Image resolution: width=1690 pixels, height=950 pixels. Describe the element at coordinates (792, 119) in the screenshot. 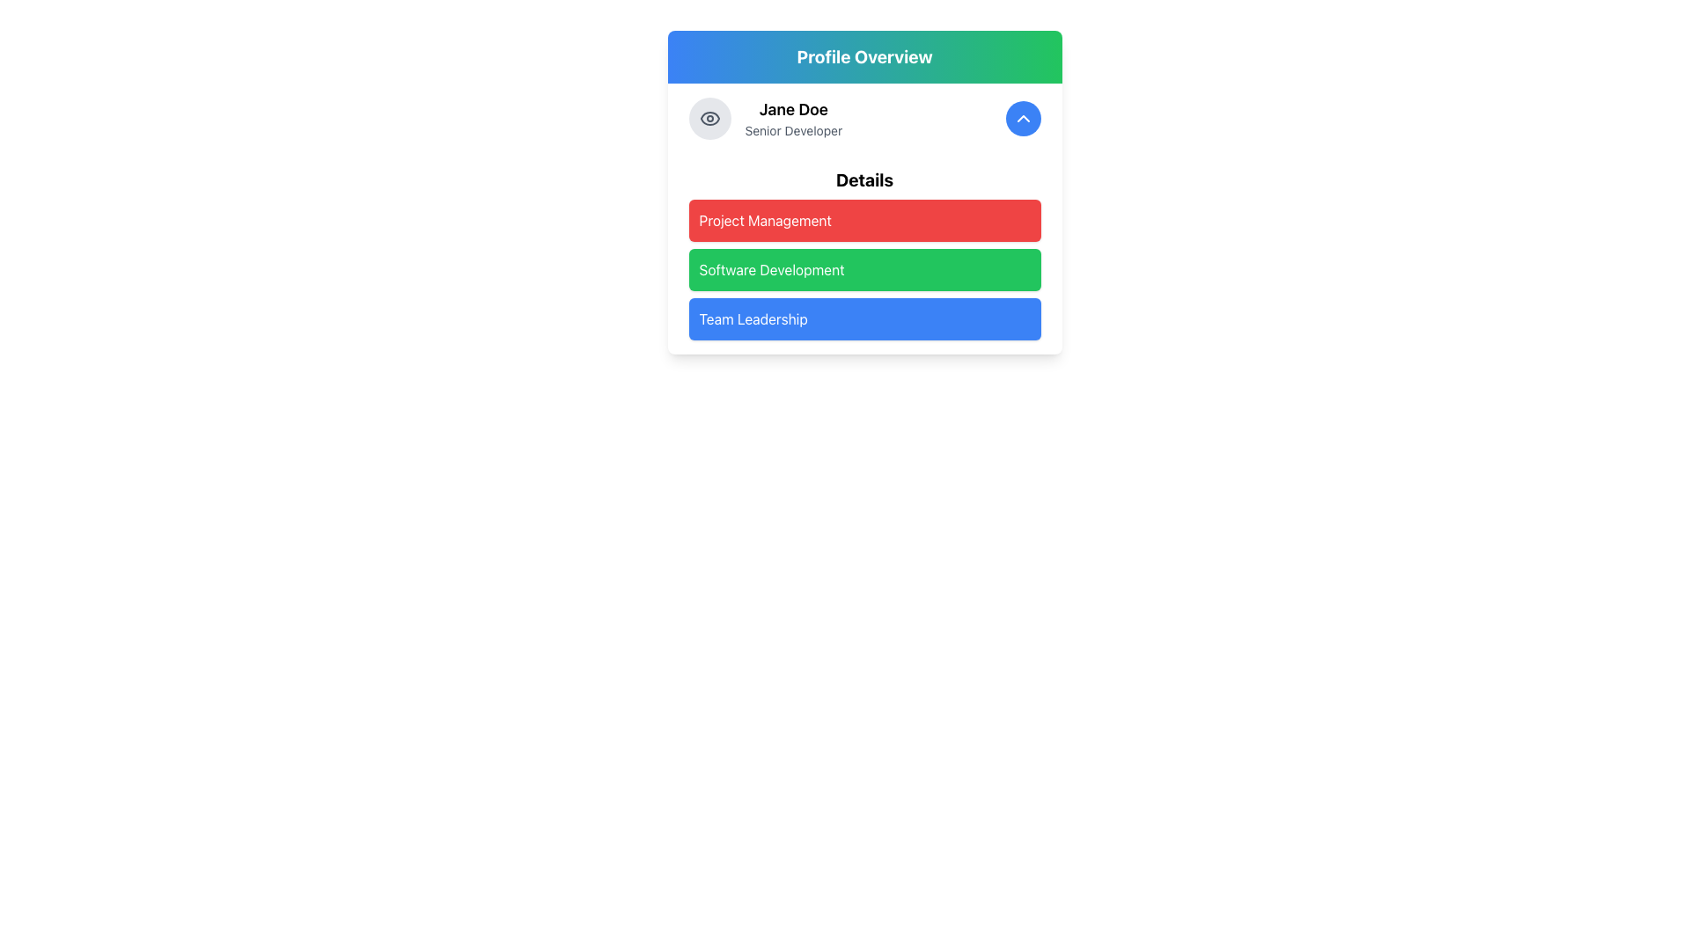

I see `the Text Display that shows an individual's name and title, located near the top of the card to the right of a circular icon in the header below 'Profile Overview'` at that location.